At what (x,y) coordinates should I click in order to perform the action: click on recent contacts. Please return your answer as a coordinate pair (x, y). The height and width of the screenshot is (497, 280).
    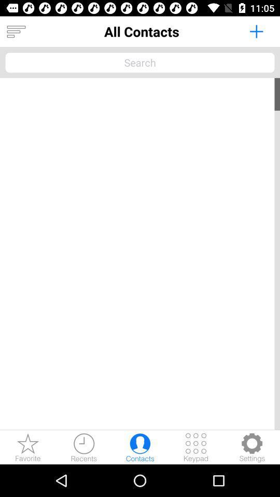
    Looking at the image, I should click on (83, 447).